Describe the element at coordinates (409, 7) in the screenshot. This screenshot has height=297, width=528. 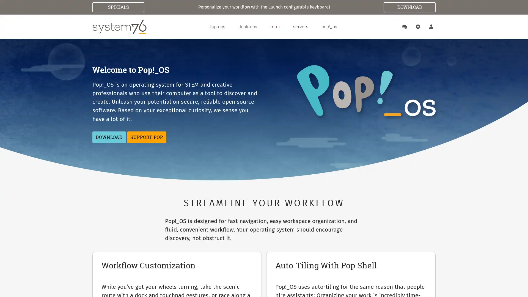
I see `DOWNLOAD` at that location.